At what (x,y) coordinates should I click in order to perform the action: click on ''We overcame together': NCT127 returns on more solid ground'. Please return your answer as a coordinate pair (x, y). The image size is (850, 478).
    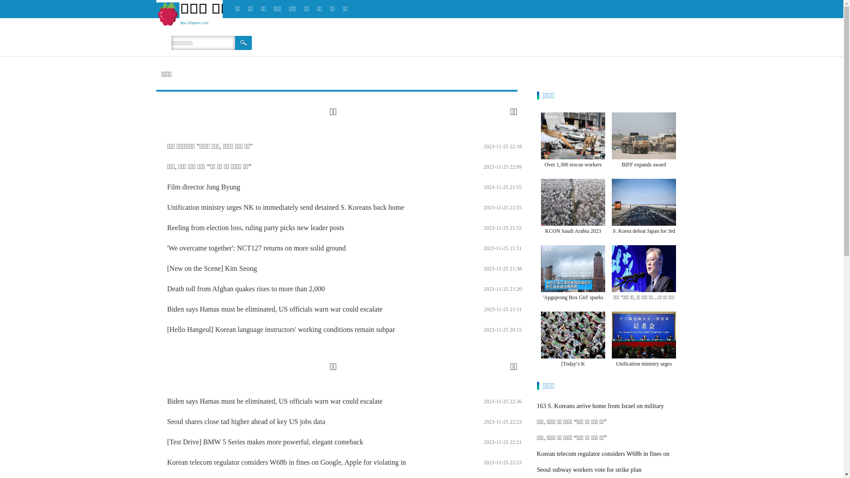
    Looking at the image, I should click on (167, 248).